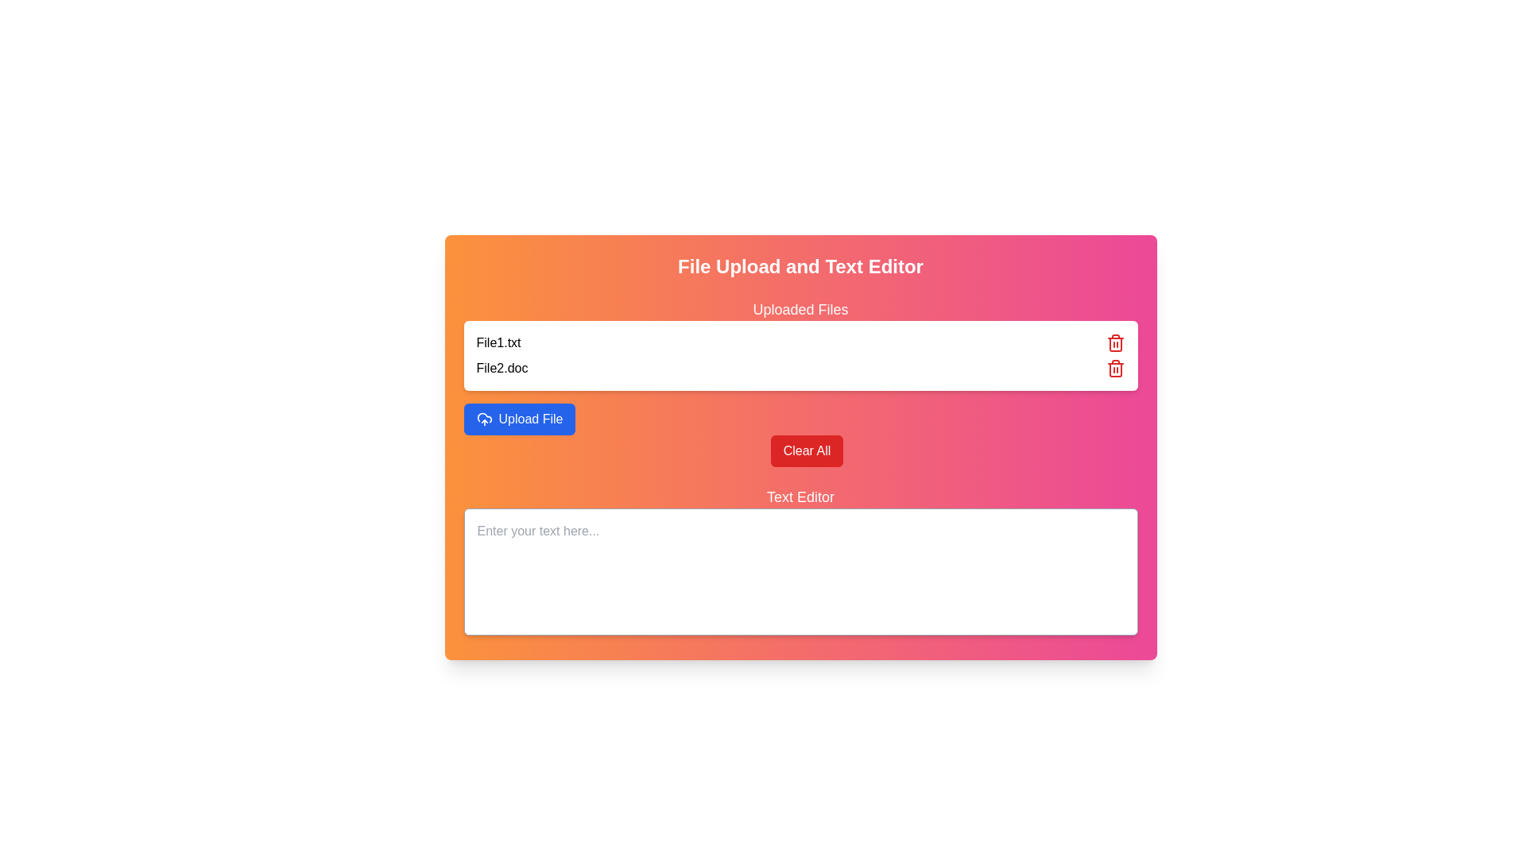 This screenshot has width=1526, height=858. What do you see at coordinates (800, 496) in the screenshot?
I see `the Text label that indicates the function of the text input field in the 'Text Editor' section, positioned above the input box` at bounding box center [800, 496].